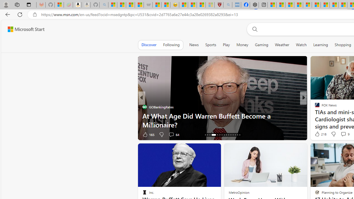 The image size is (354, 199). Describe the element at coordinates (345, 134) in the screenshot. I see `'View comments 167 Comment'` at that location.